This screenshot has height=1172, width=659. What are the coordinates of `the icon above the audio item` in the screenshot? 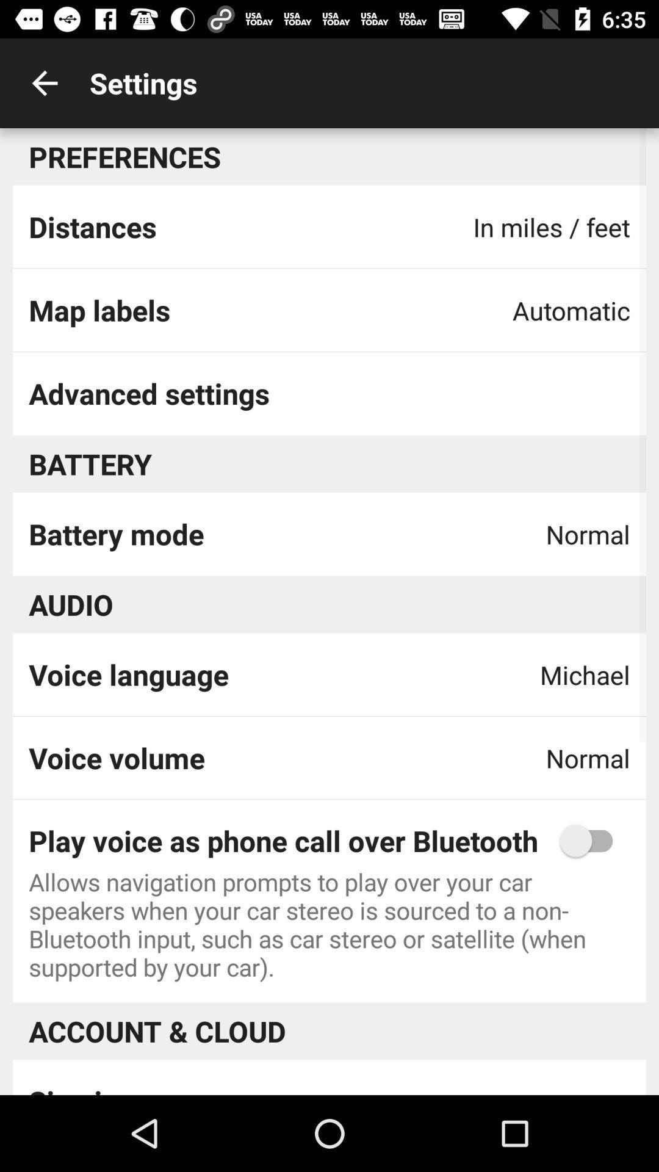 It's located at (116, 534).